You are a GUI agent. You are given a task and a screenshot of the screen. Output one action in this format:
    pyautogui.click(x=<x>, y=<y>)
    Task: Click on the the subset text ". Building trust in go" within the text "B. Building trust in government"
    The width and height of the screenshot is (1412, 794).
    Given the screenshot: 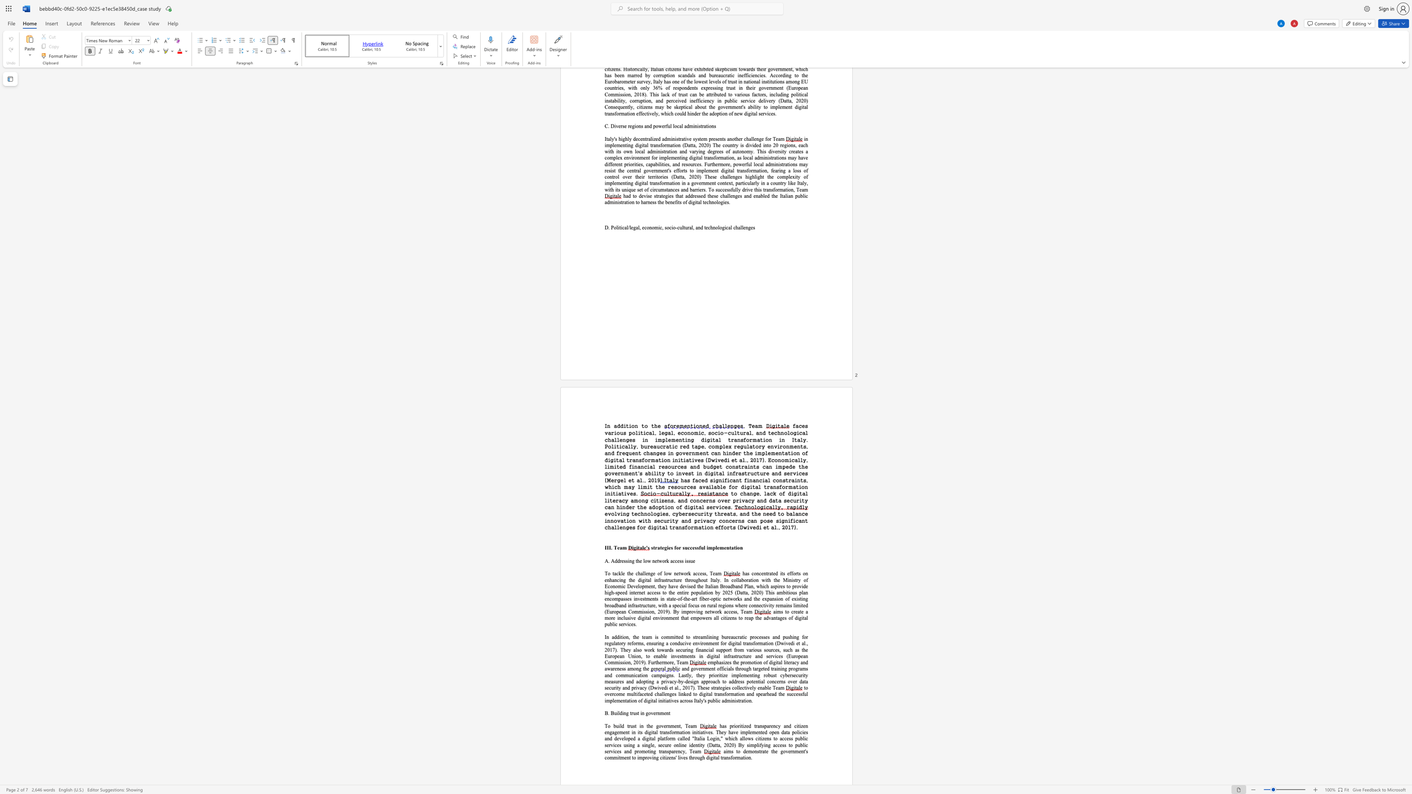 What is the action you would take?
    pyautogui.click(x=607, y=713)
    